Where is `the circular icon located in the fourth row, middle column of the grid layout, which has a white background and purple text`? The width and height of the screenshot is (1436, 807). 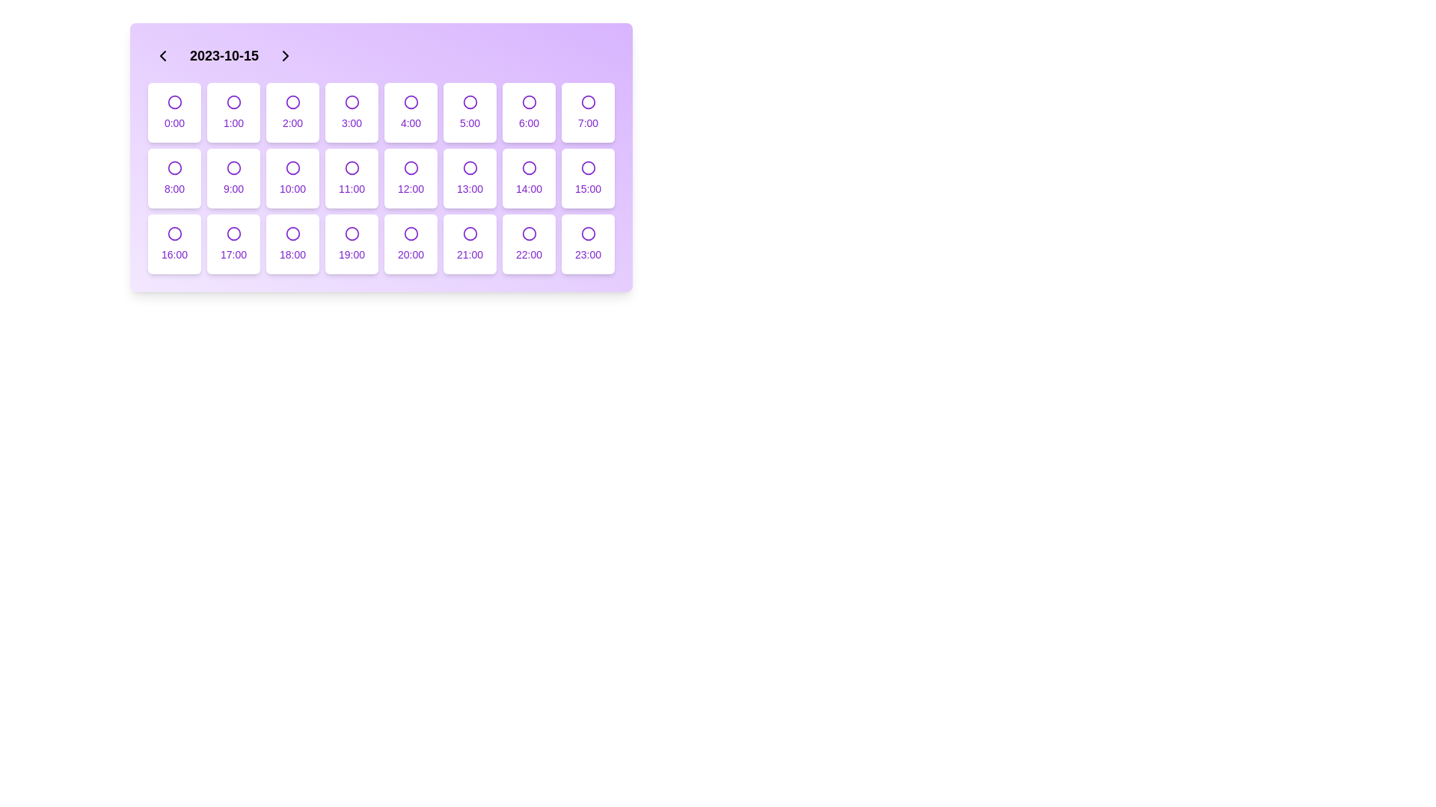 the circular icon located in the fourth row, middle column of the grid layout, which has a white background and purple text is located at coordinates (411, 167).